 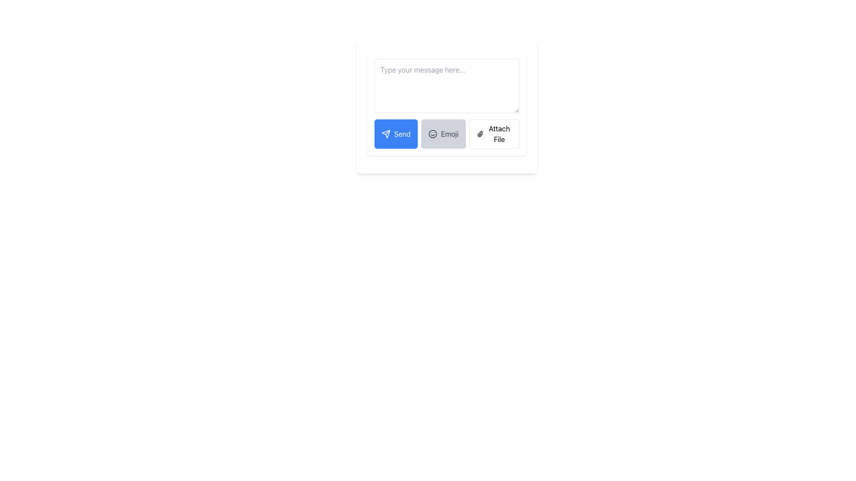 What do you see at coordinates (395, 134) in the screenshot?
I see `the first button located at the leftmost position in the horizontal alignment of action buttons under the text input area to send the text` at bounding box center [395, 134].